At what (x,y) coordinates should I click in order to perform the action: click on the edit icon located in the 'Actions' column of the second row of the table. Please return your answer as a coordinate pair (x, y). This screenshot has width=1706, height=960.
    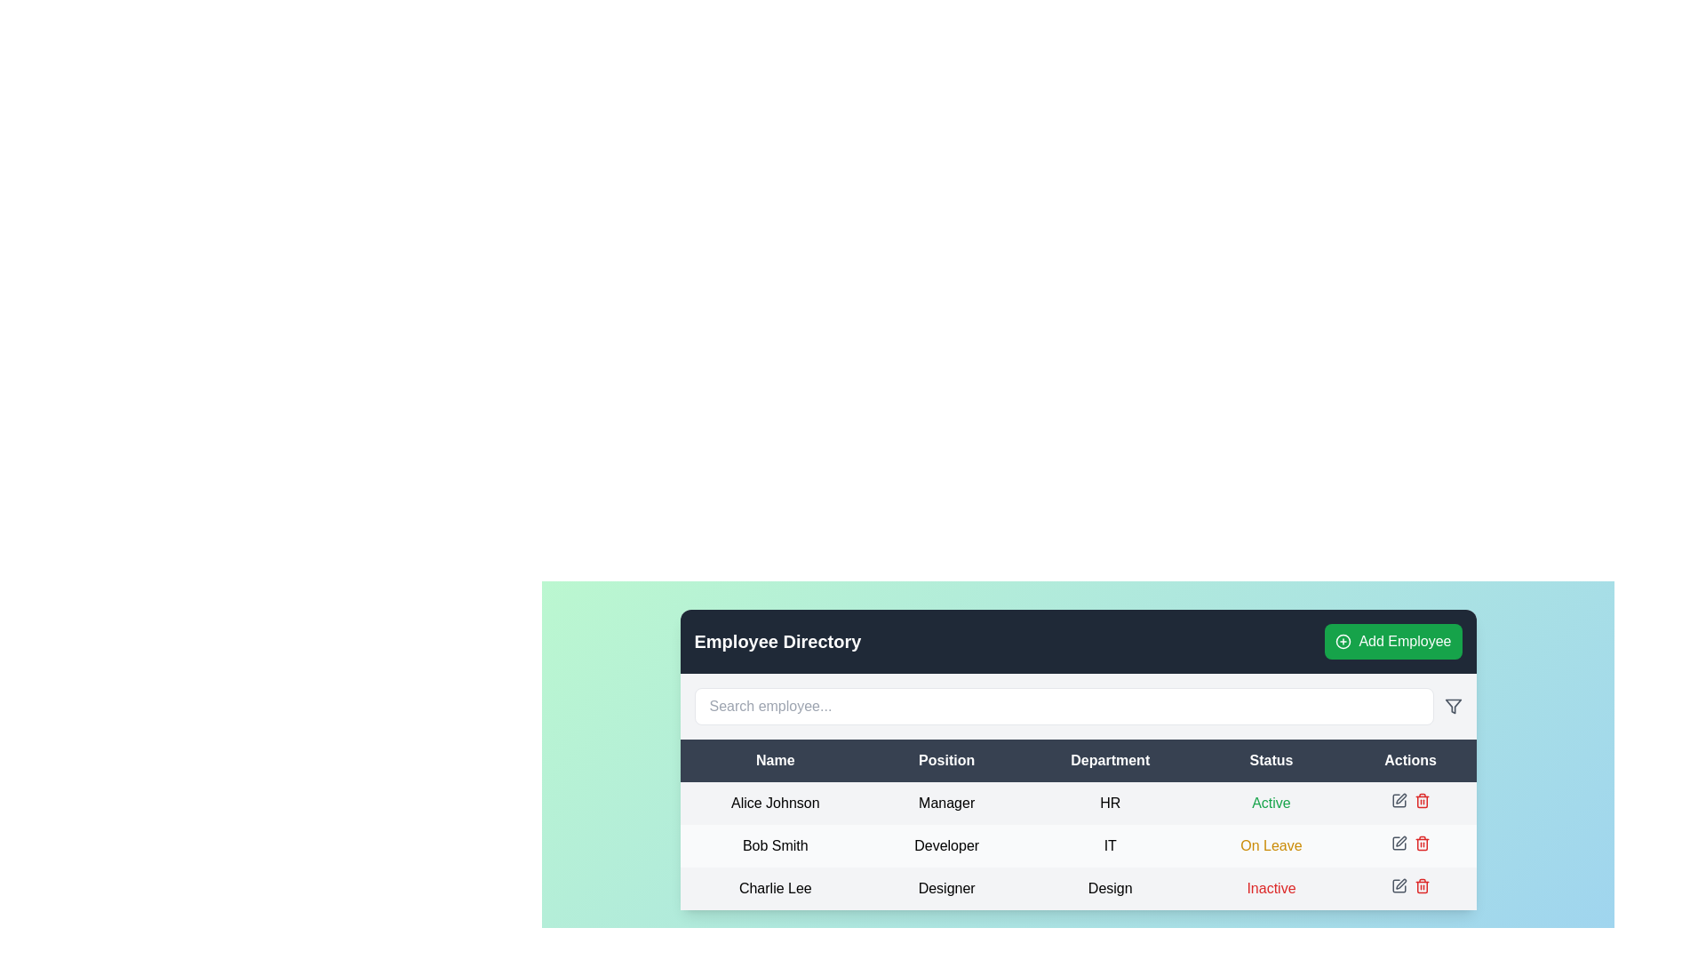
    Looking at the image, I should click on (1398, 842).